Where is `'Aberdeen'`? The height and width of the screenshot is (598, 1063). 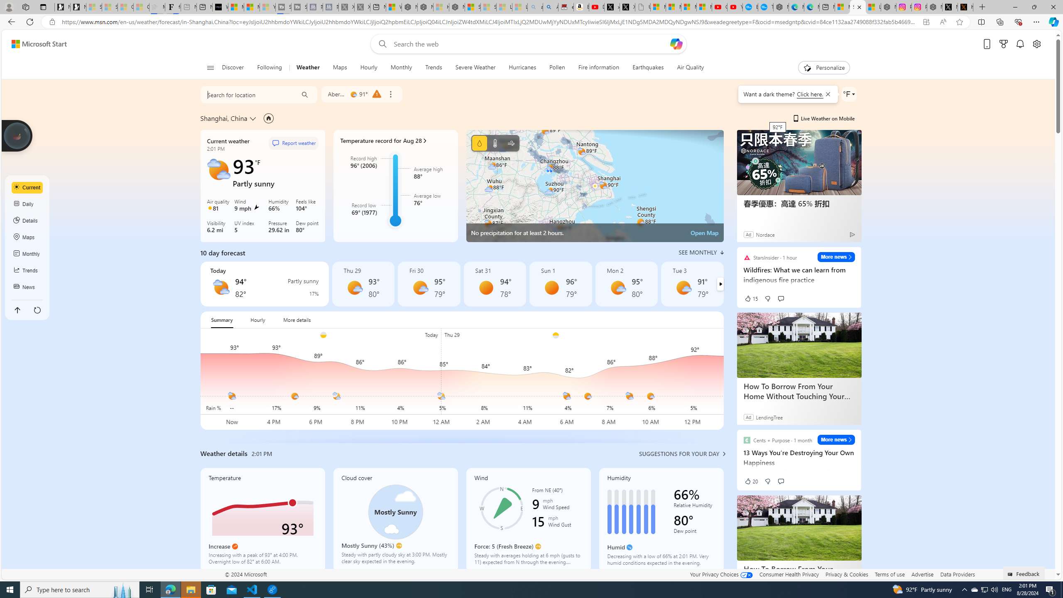
'Aberdeen' is located at coordinates (337, 94).